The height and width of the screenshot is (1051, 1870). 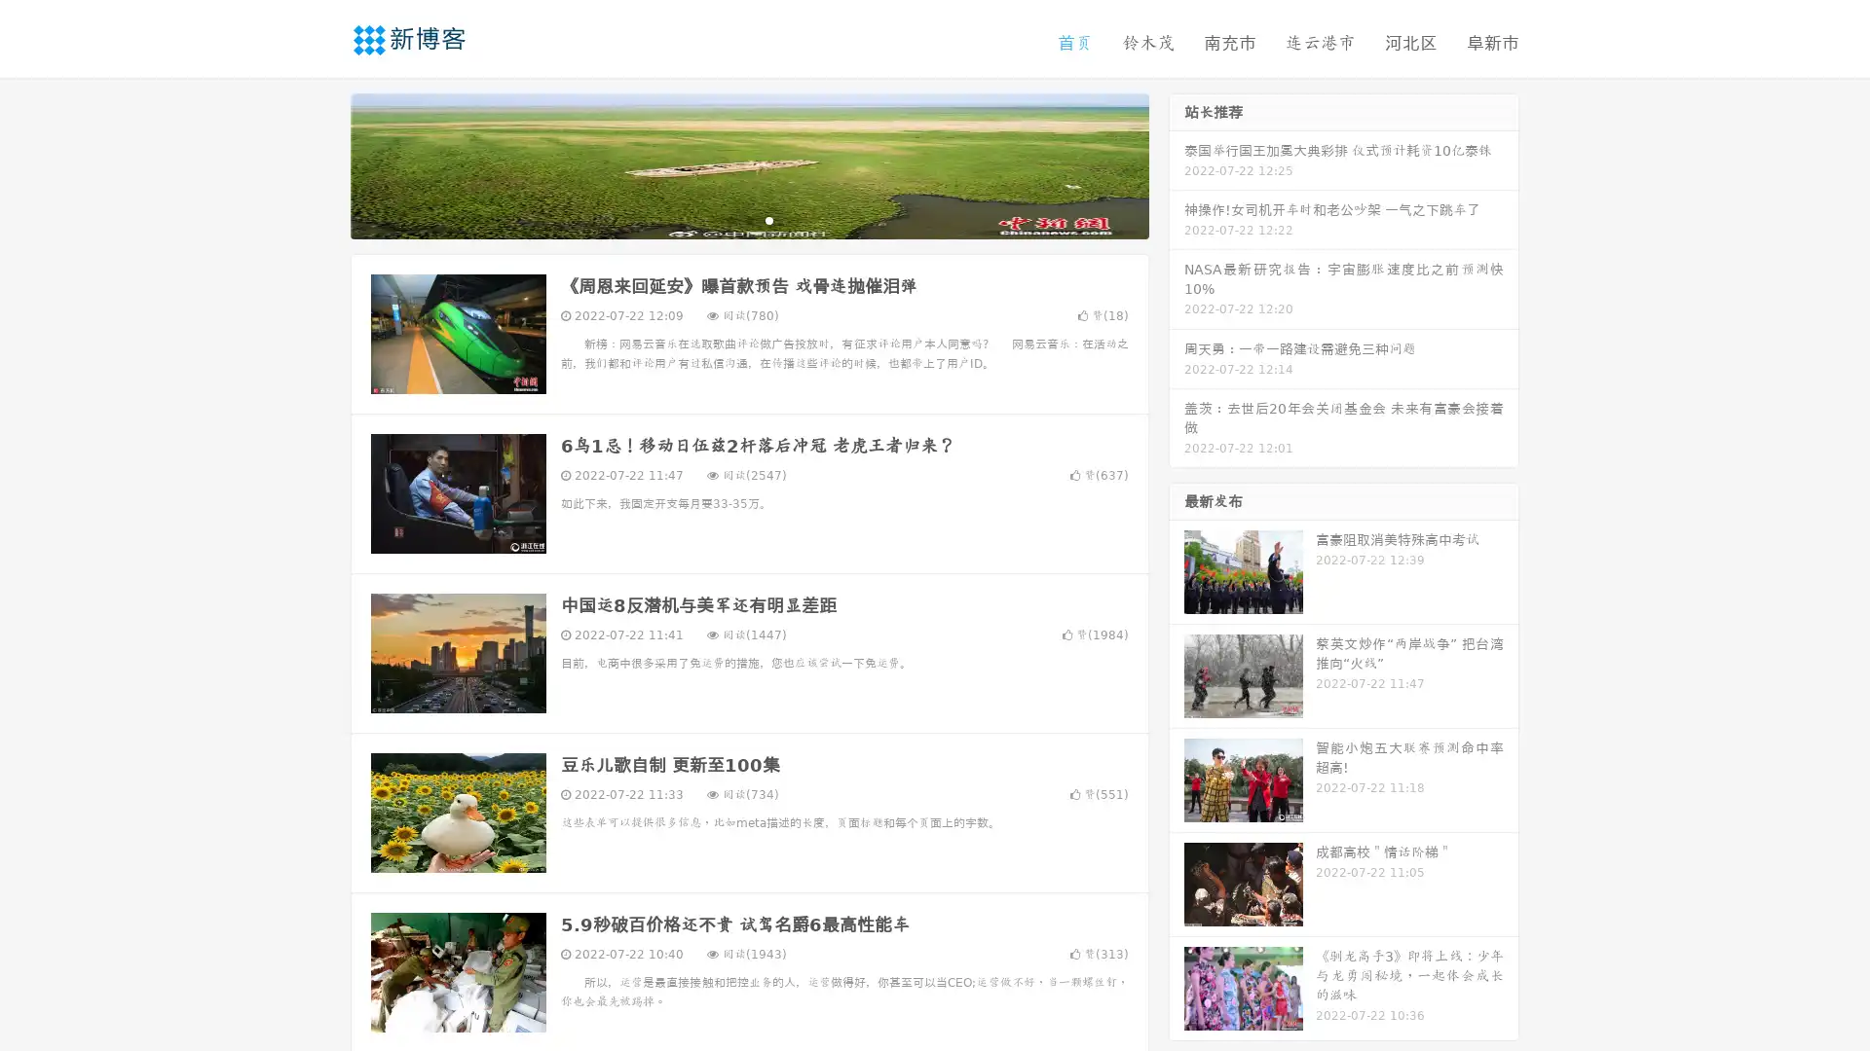 What do you see at coordinates (748, 219) in the screenshot?
I see `Go to slide 2` at bounding box center [748, 219].